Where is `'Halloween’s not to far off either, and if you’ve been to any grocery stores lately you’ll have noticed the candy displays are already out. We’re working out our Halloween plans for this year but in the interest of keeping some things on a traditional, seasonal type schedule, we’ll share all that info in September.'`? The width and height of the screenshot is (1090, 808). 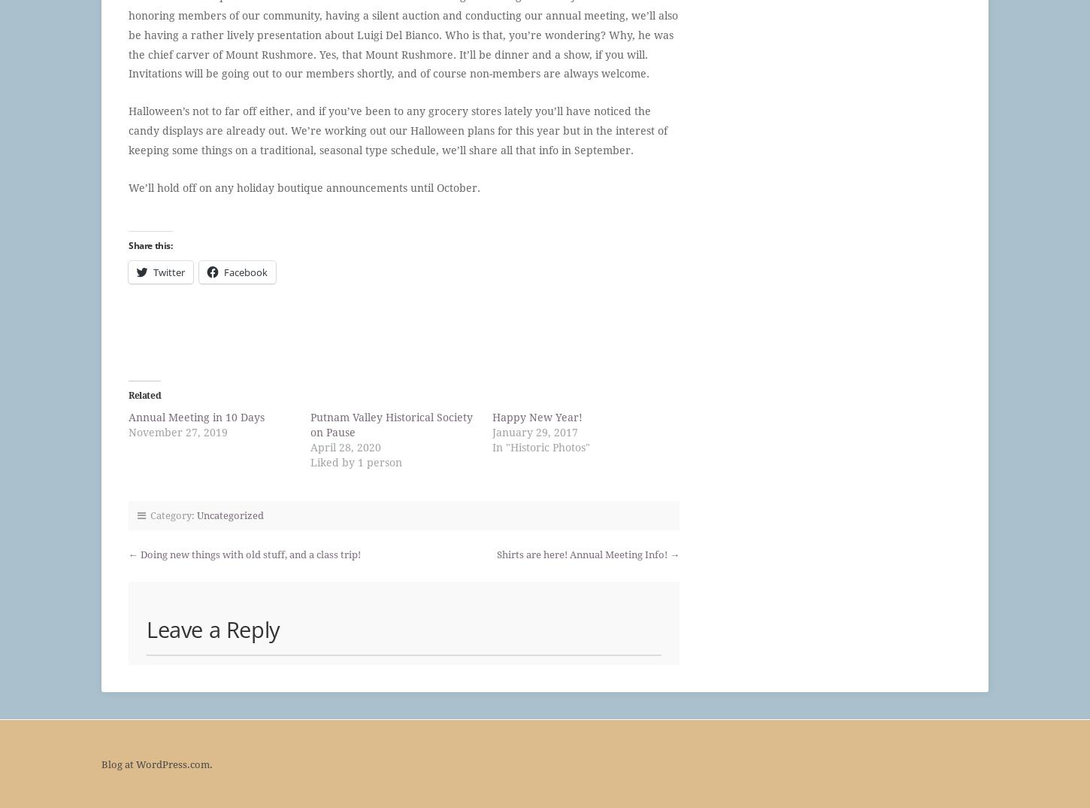 'Halloween’s not to far off either, and if you’ve been to any grocery stores lately you’ll have noticed the candy displays are already out. We’re working out our Halloween plans for this year but in the interest of keeping some things on a traditional, seasonal type schedule, we’ll share all that info in September.' is located at coordinates (398, 130).